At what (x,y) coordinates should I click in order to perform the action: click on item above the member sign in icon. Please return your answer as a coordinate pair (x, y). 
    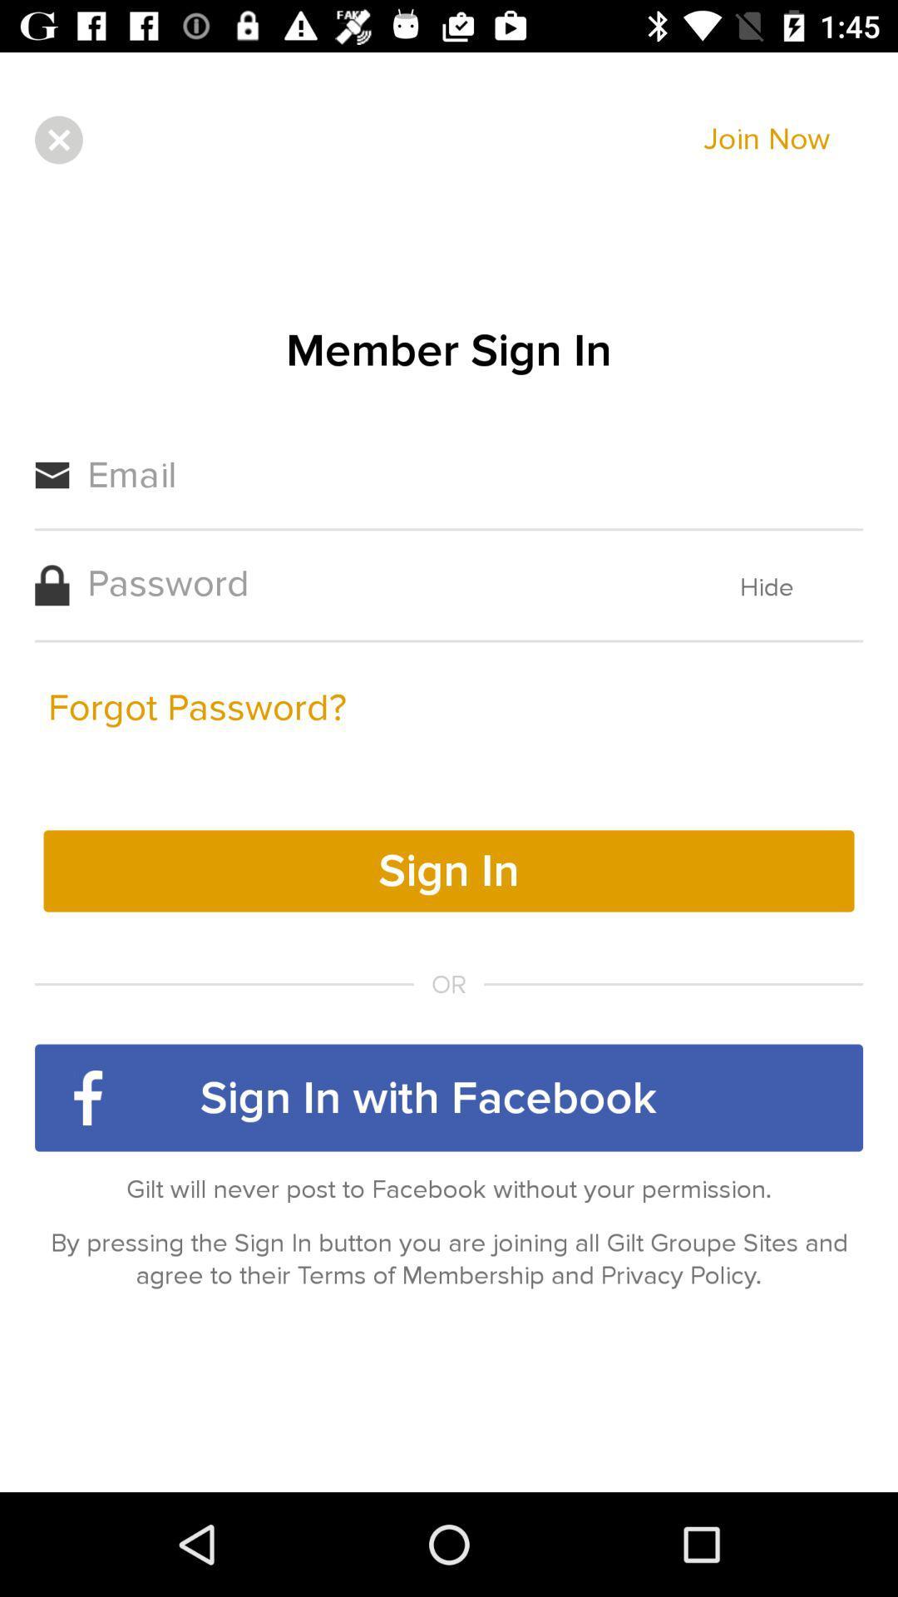
    Looking at the image, I should click on (767, 140).